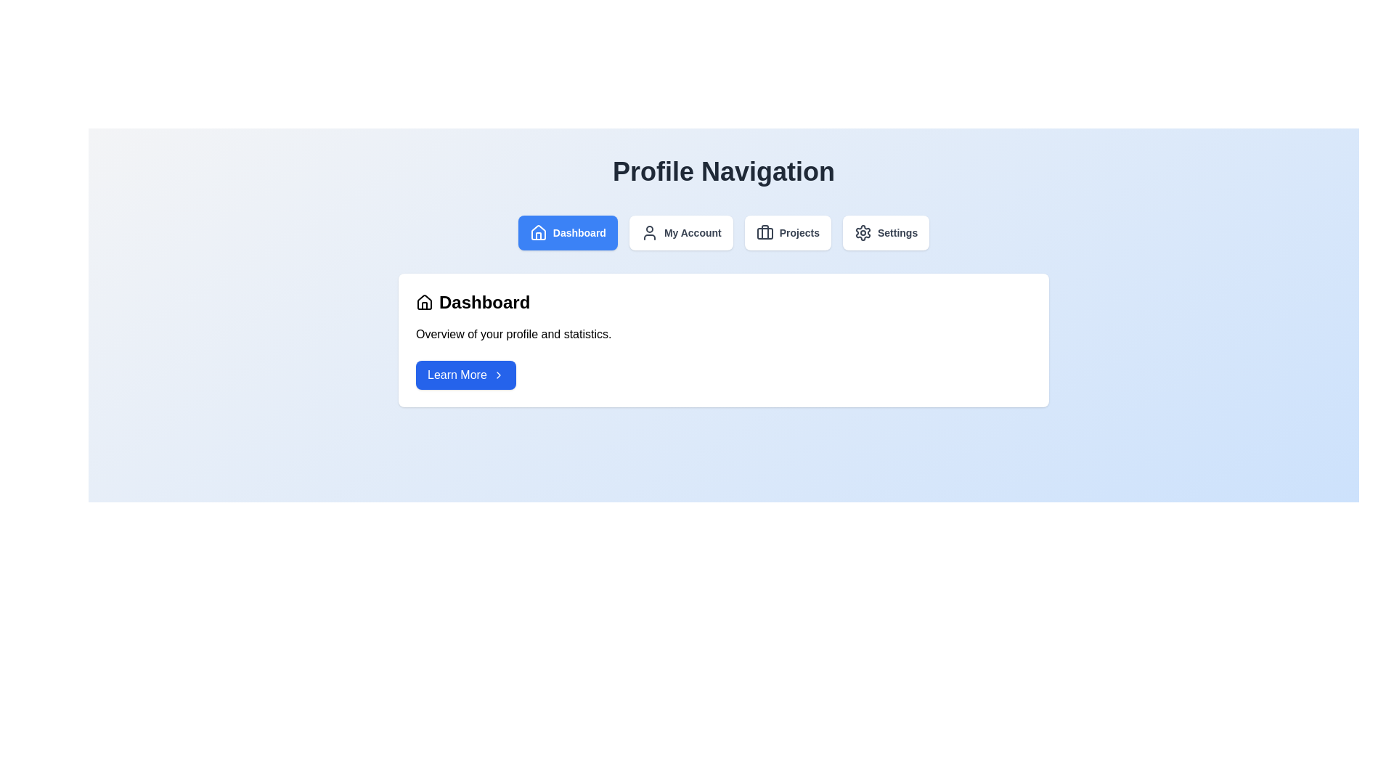 This screenshot has width=1394, height=784. I want to click on the vertical line handle of the briefcase icon located in the Profile Navigation menu within the 'Projects' button, so click(764, 232).